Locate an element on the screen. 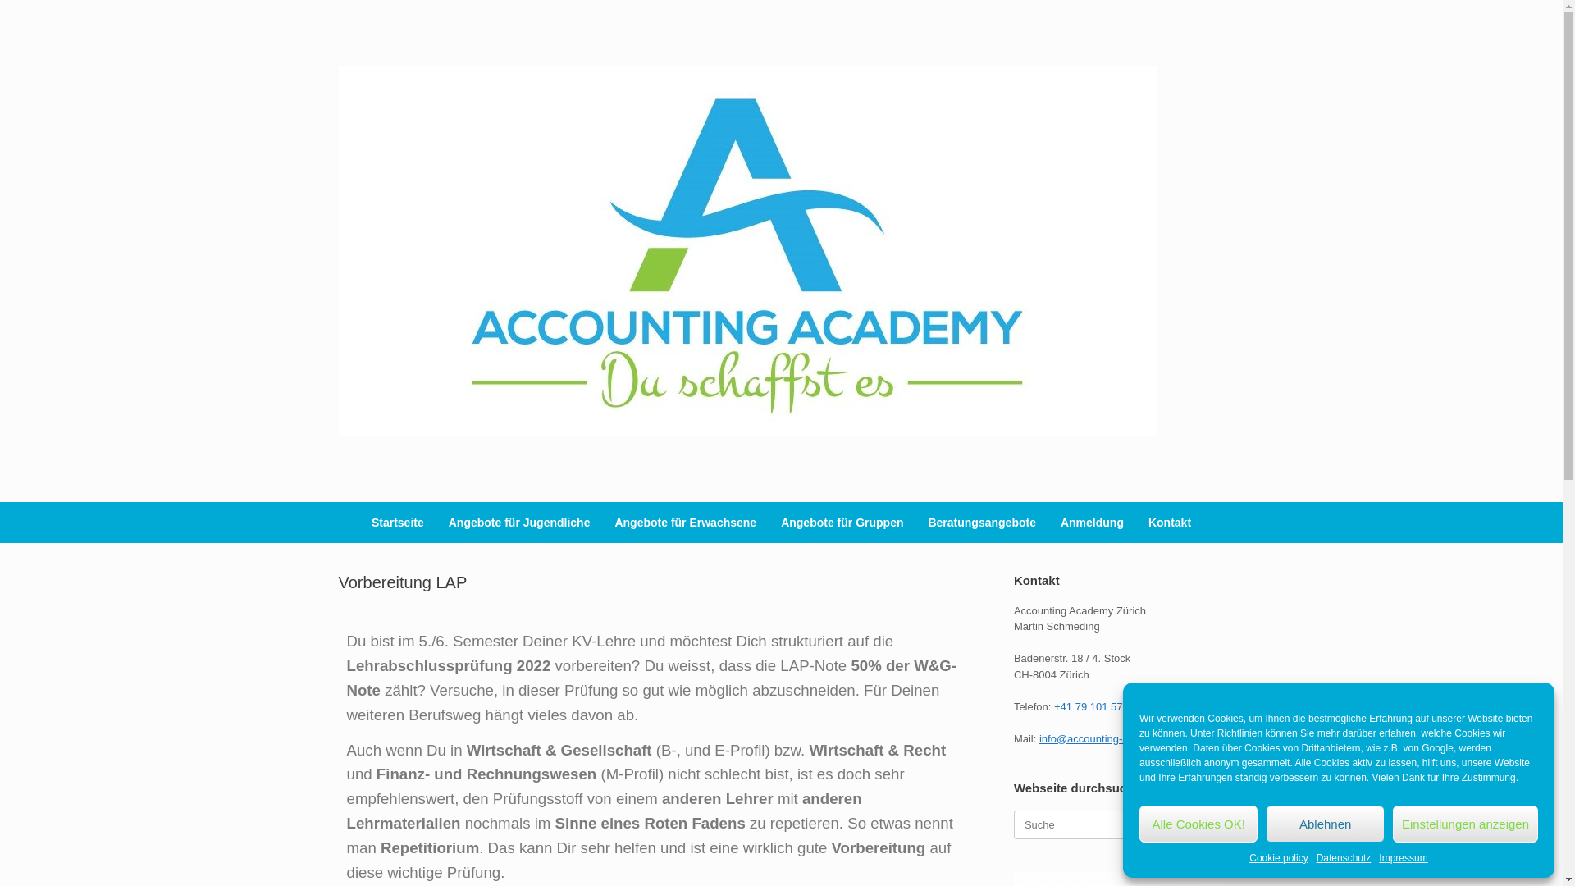  'Kontakt' is located at coordinates (1168, 522).